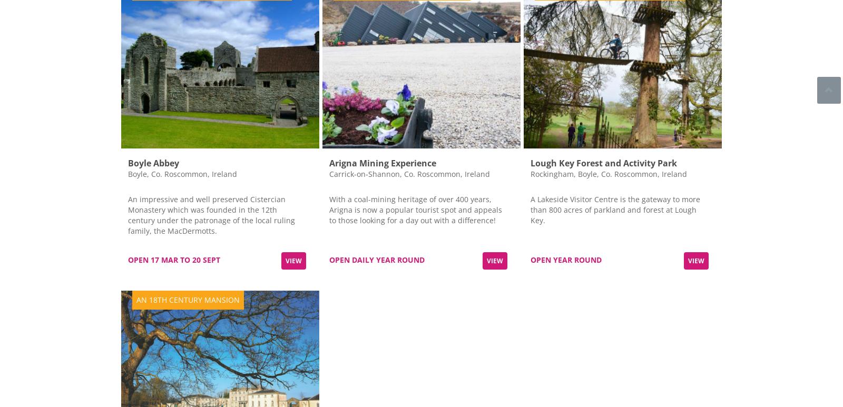 Image resolution: width=843 pixels, height=407 pixels. Describe the element at coordinates (415, 209) in the screenshot. I see `'With a coal-mining heritage of over 400 years, Arigna is now a popular tourist spot and appeals to those looking for a day out with a difference!'` at that location.